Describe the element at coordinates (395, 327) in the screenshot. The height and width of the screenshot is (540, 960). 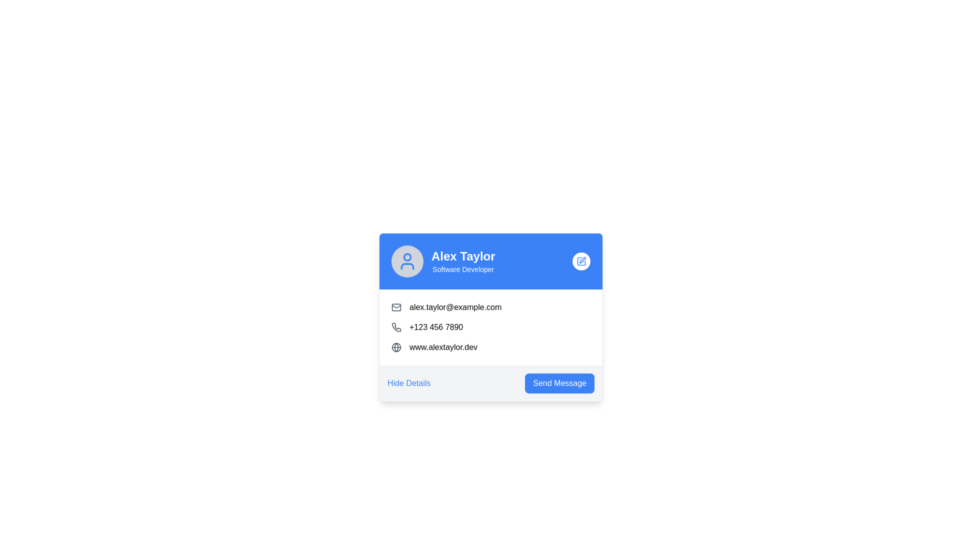
I see `the phone icon located in the second row of the contact information section to the left of the phone number '+123 456 7890'` at that location.